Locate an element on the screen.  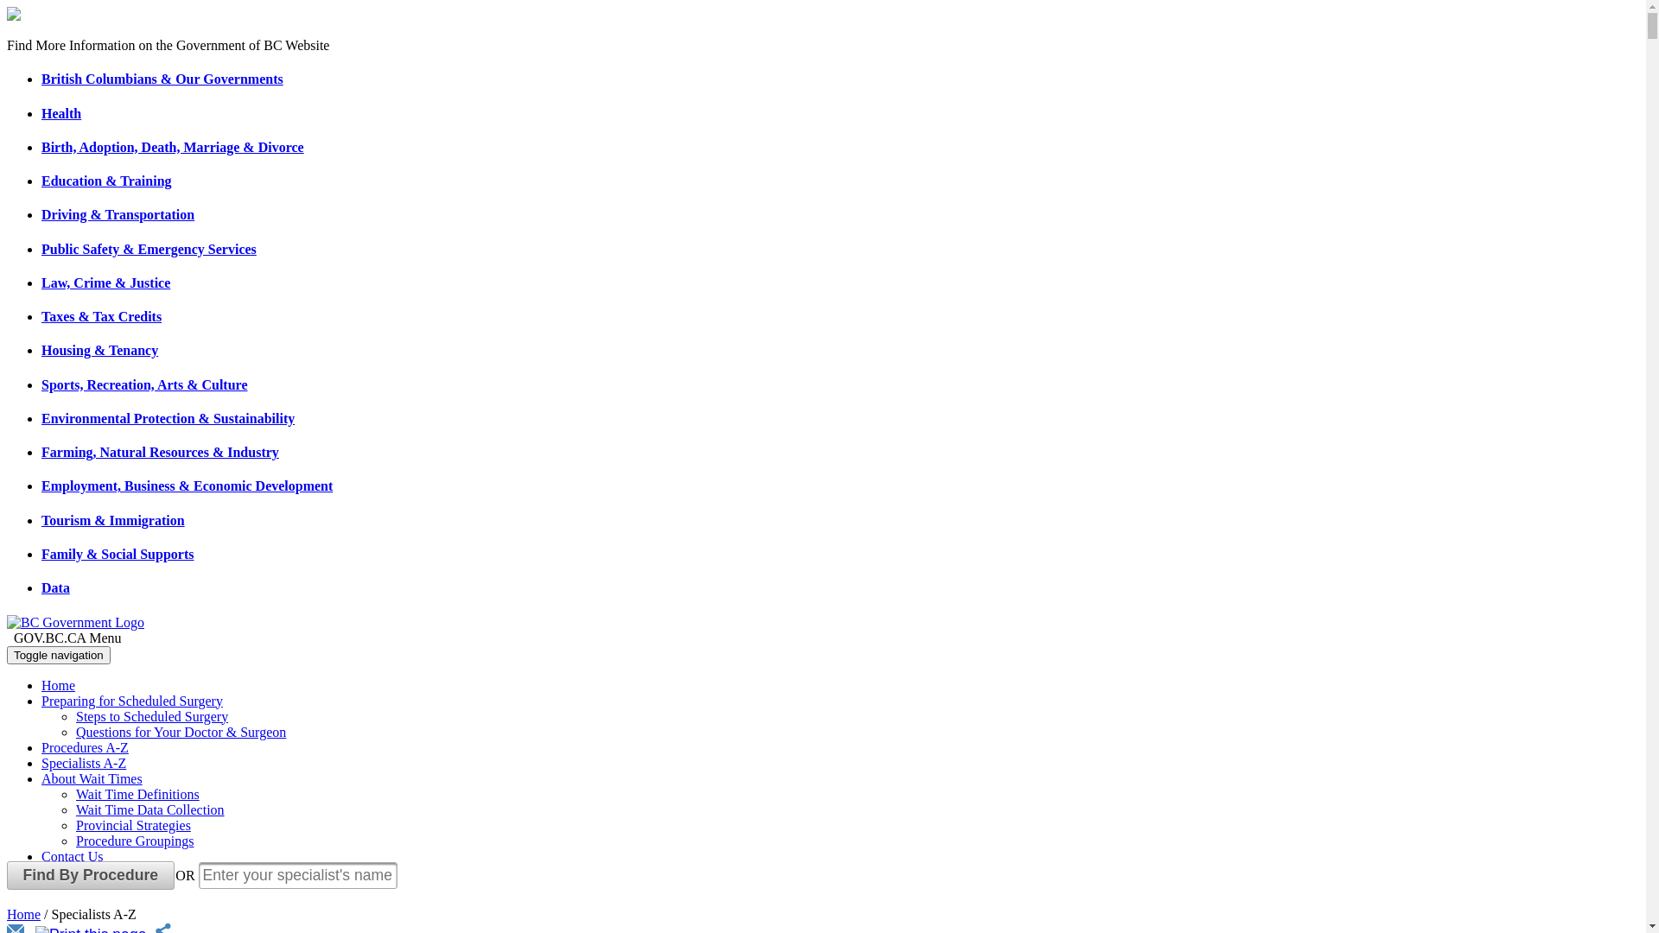
'Contact Us' is located at coordinates (41, 856).